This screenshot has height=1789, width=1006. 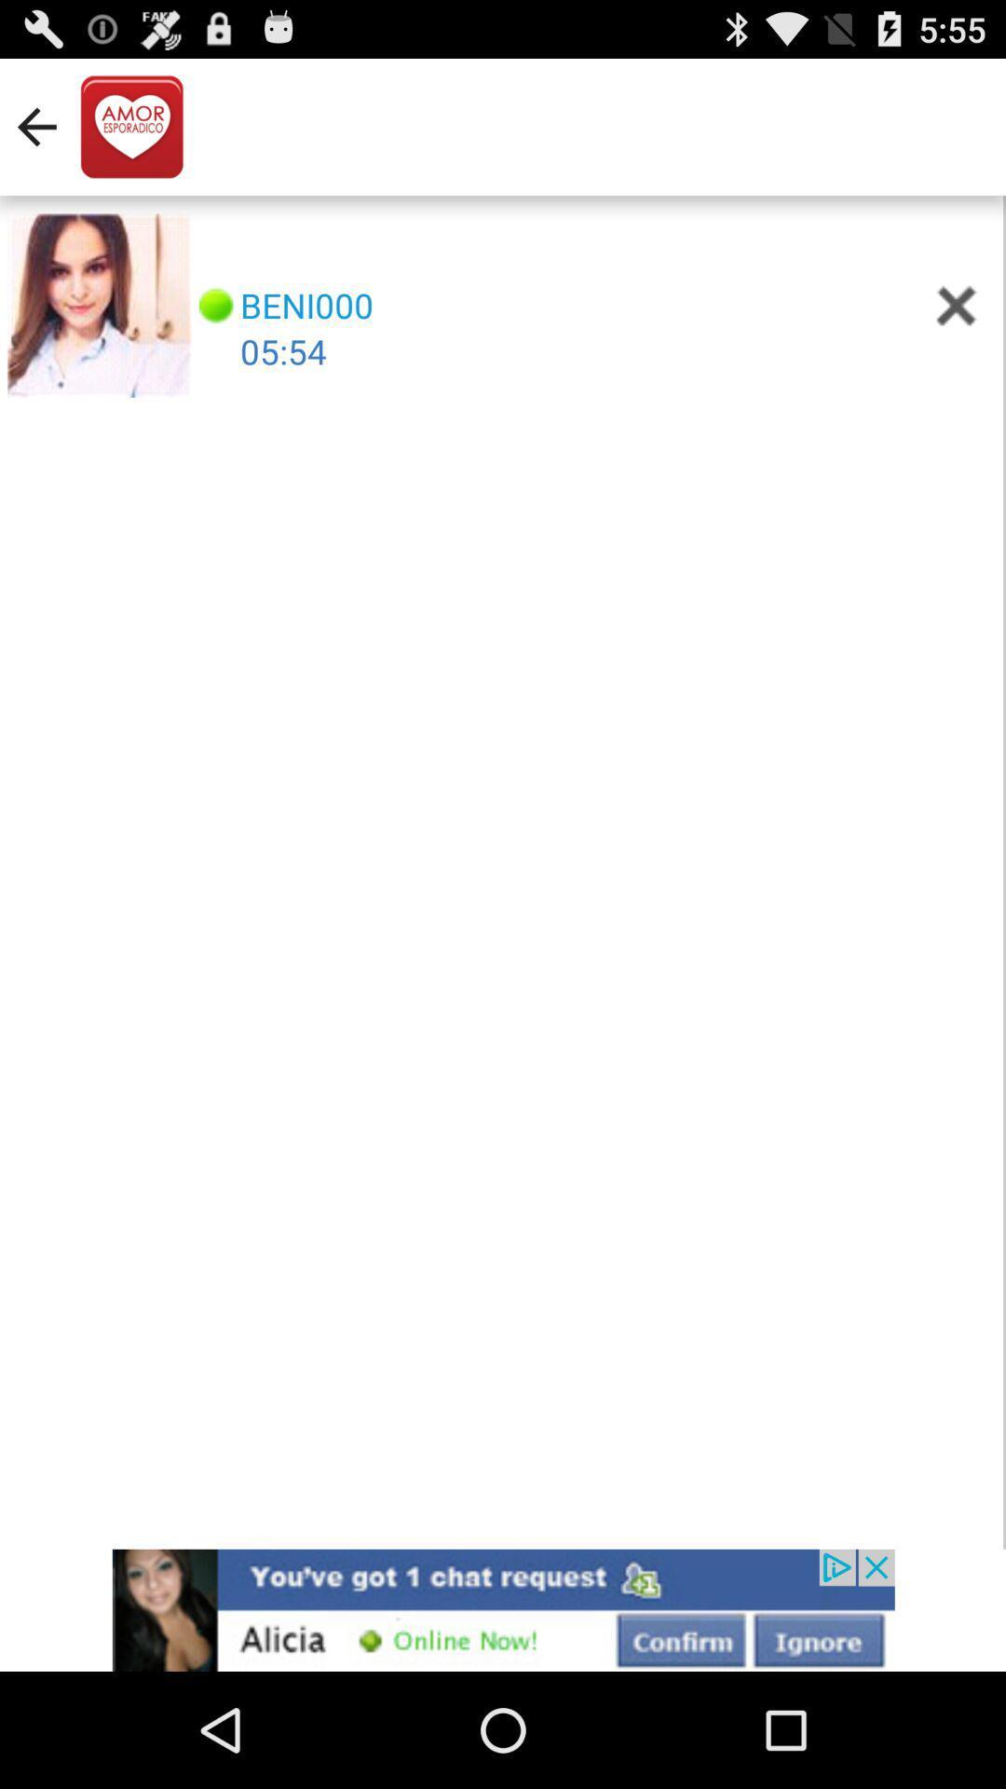 What do you see at coordinates (957, 306) in the screenshot?
I see `close` at bounding box center [957, 306].